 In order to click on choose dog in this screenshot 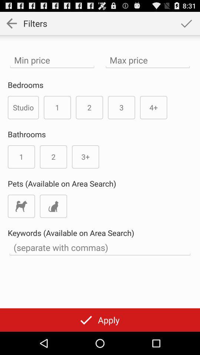, I will do `click(21, 206)`.